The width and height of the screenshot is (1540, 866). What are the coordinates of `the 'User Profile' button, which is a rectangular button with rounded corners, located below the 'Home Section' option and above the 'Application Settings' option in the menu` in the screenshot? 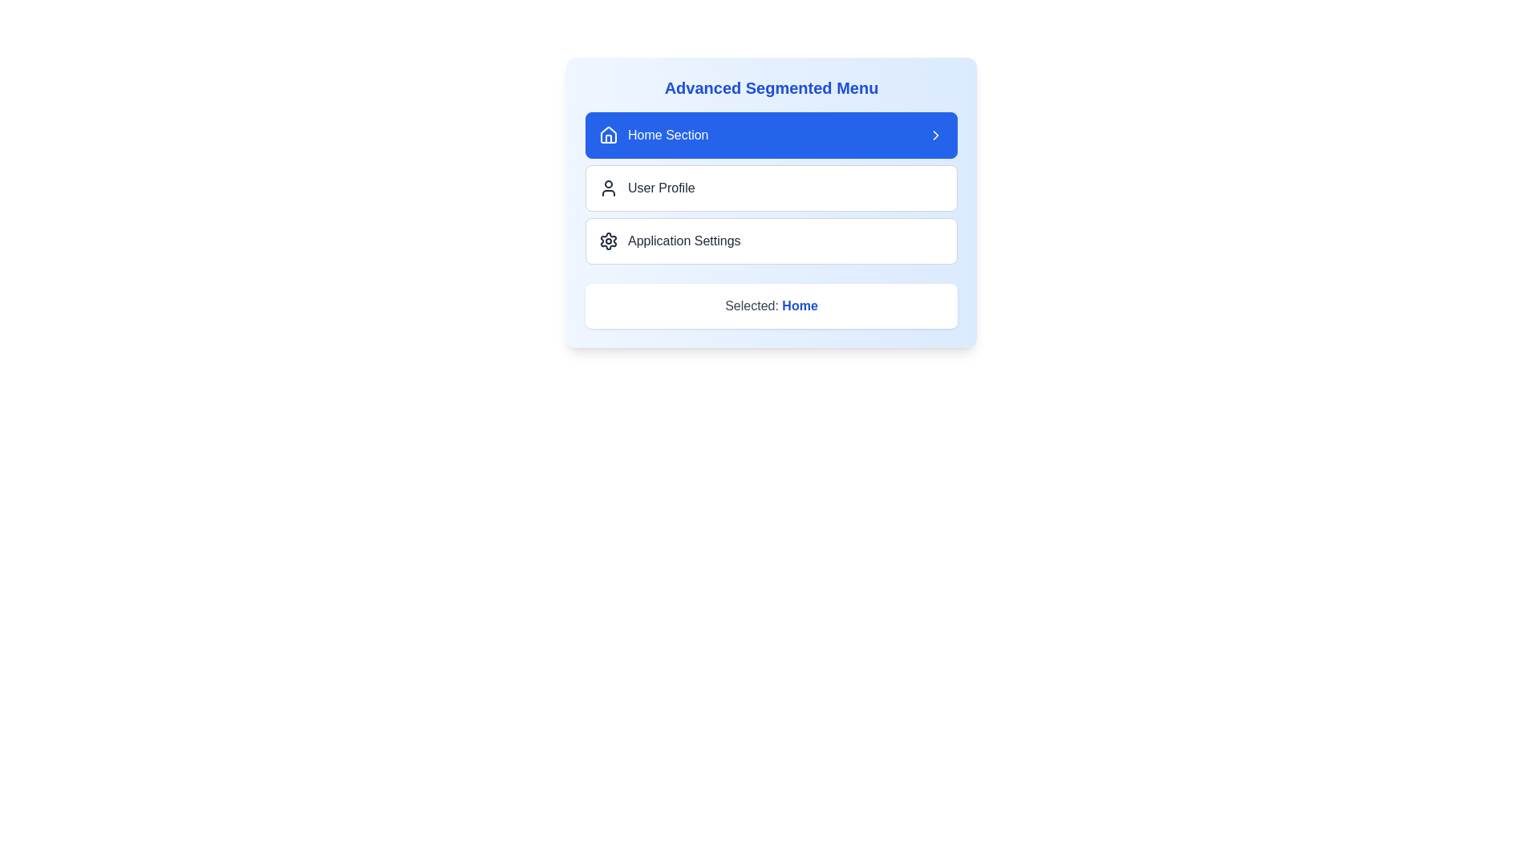 It's located at (771, 188).